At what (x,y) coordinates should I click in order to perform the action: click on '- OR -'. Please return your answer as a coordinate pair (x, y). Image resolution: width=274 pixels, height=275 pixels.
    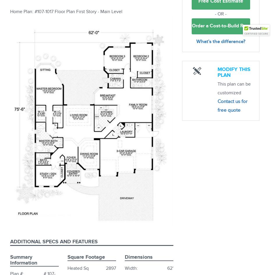
    Looking at the image, I should click on (214, 13).